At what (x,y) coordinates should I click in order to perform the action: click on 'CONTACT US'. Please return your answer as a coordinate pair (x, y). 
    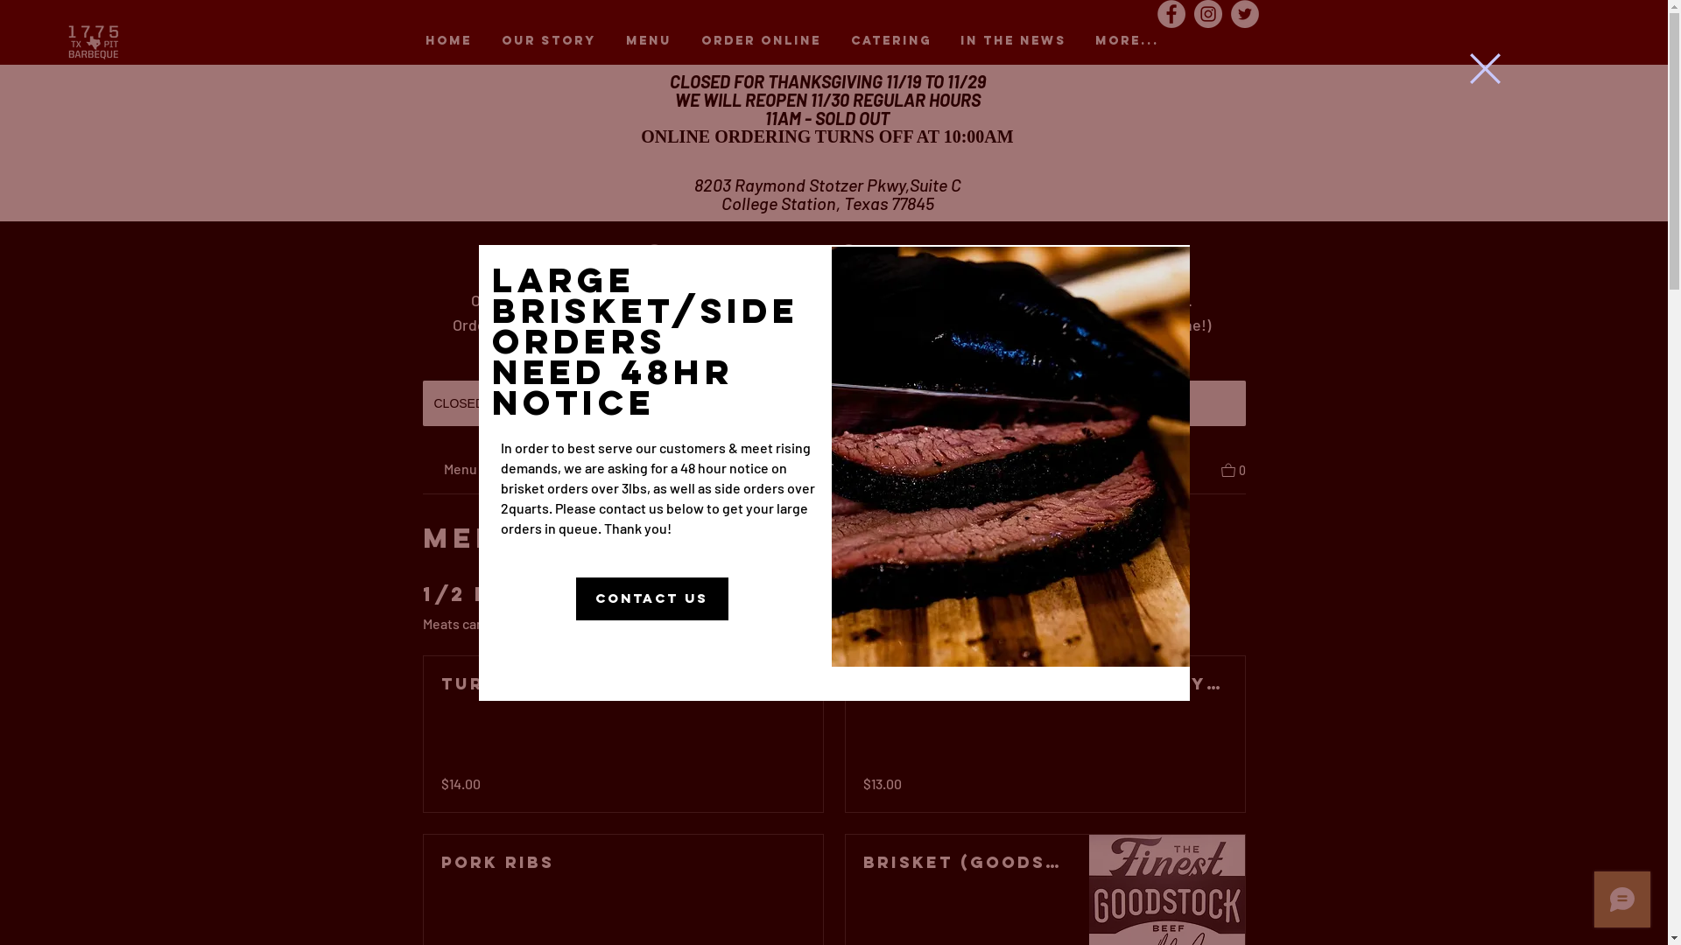
    Looking at the image, I should click on (651, 598).